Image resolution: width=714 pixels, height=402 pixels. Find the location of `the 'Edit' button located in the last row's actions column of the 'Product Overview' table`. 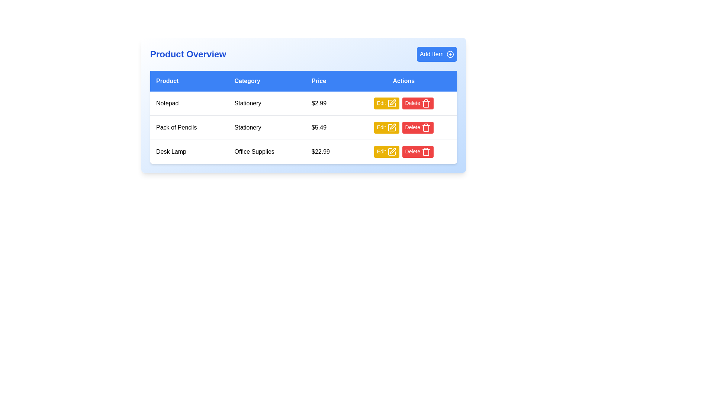

the 'Edit' button located in the last row's actions column of the 'Product Overview' table is located at coordinates (386, 151).